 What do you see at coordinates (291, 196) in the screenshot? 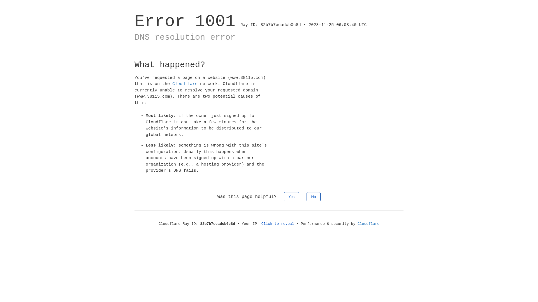
I see `'Yes'` at bounding box center [291, 196].